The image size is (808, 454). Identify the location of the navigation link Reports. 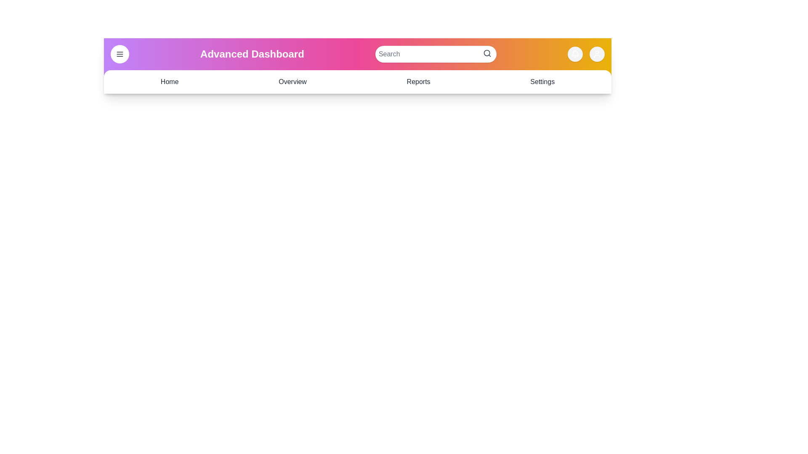
(418, 82).